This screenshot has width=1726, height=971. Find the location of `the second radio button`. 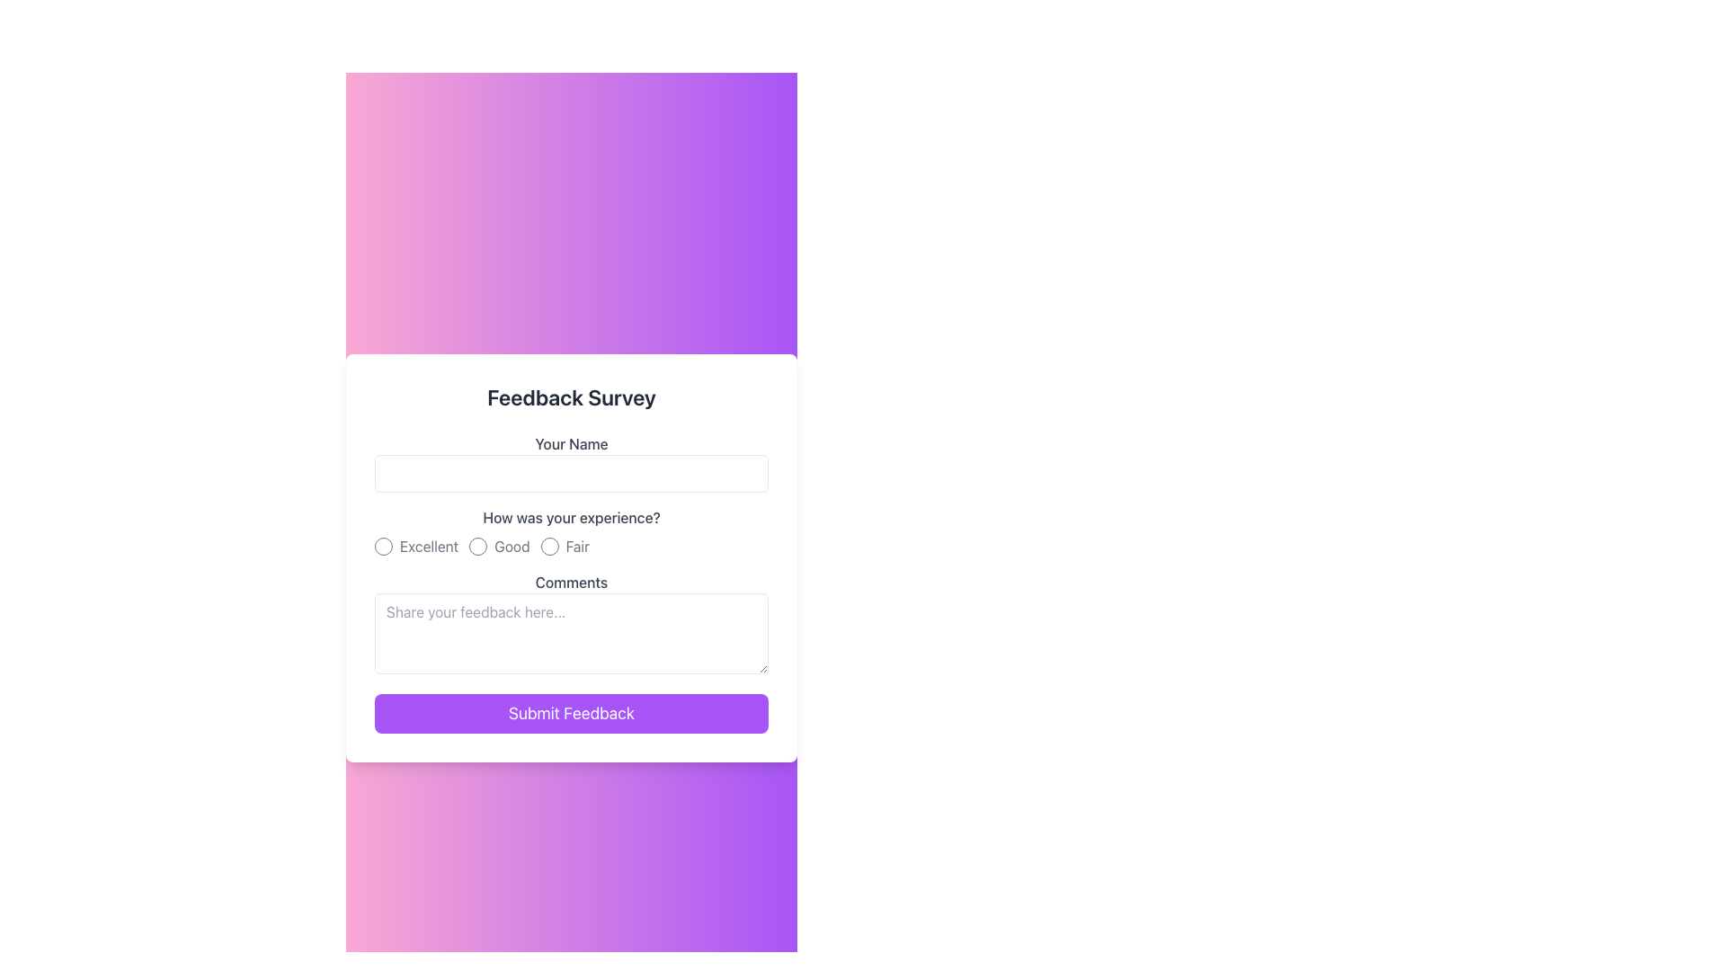

the second radio button is located at coordinates (478, 546).